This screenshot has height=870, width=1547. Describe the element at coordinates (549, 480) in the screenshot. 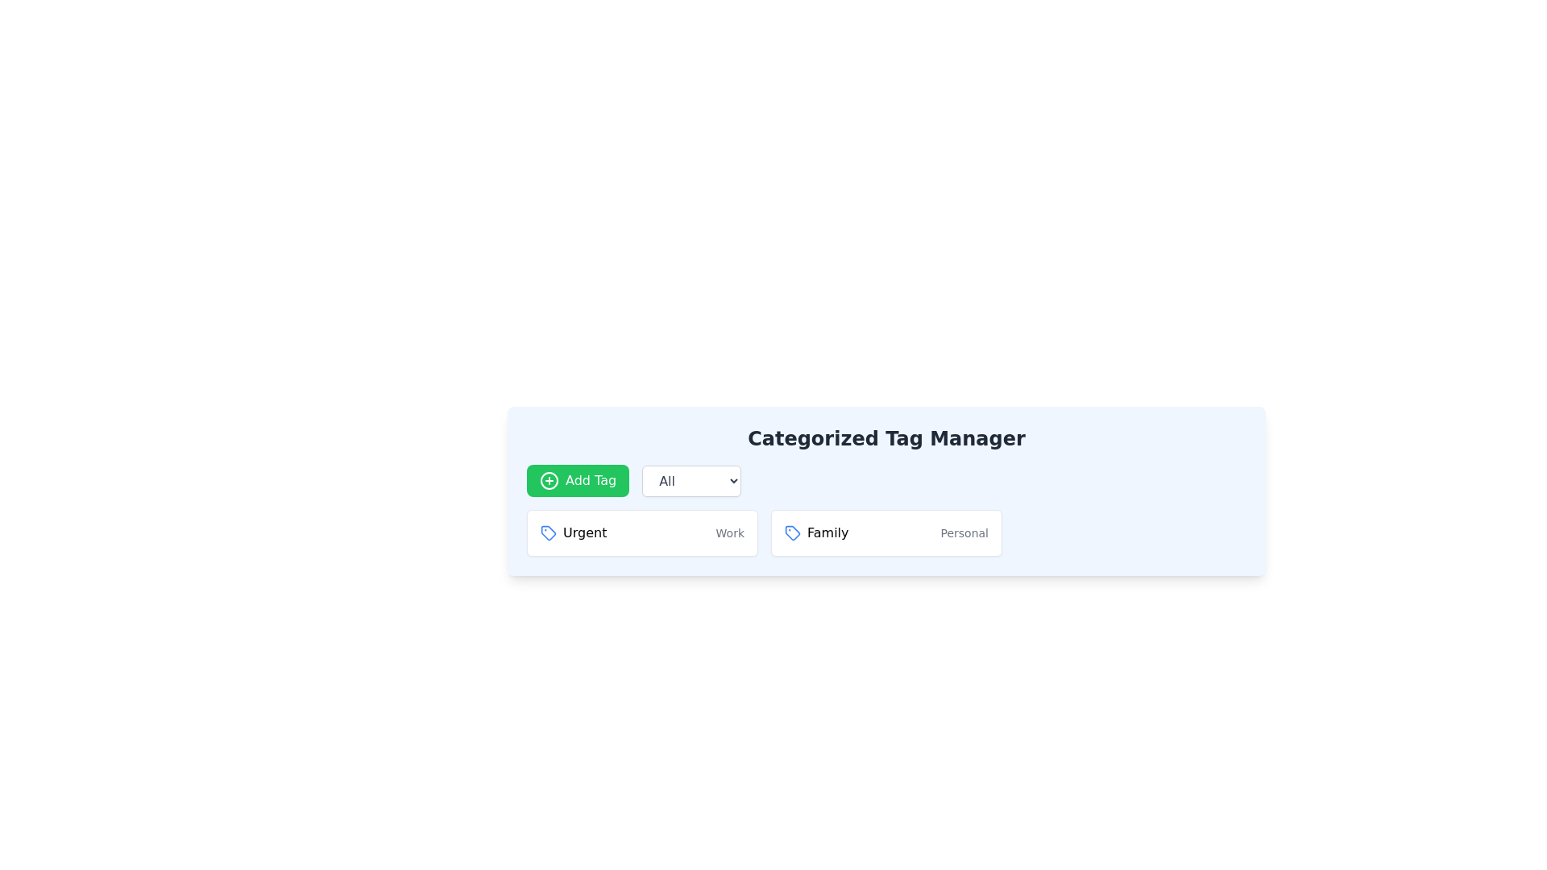

I see `the circular icon with a plus symbol in the center, which is styled with a green background and white strokes, located on the left side of the 'Add Tag' button` at that location.